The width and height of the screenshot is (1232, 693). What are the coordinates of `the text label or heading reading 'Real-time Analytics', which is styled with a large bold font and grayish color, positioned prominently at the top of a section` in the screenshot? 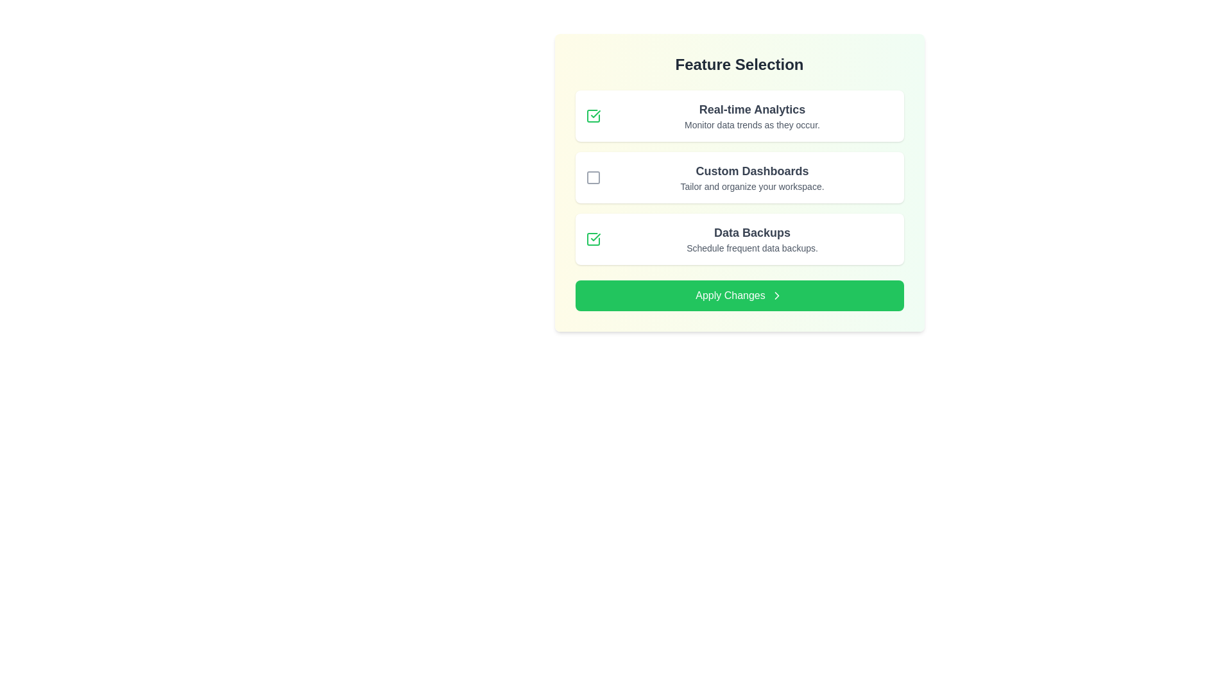 It's located at (752, 108).